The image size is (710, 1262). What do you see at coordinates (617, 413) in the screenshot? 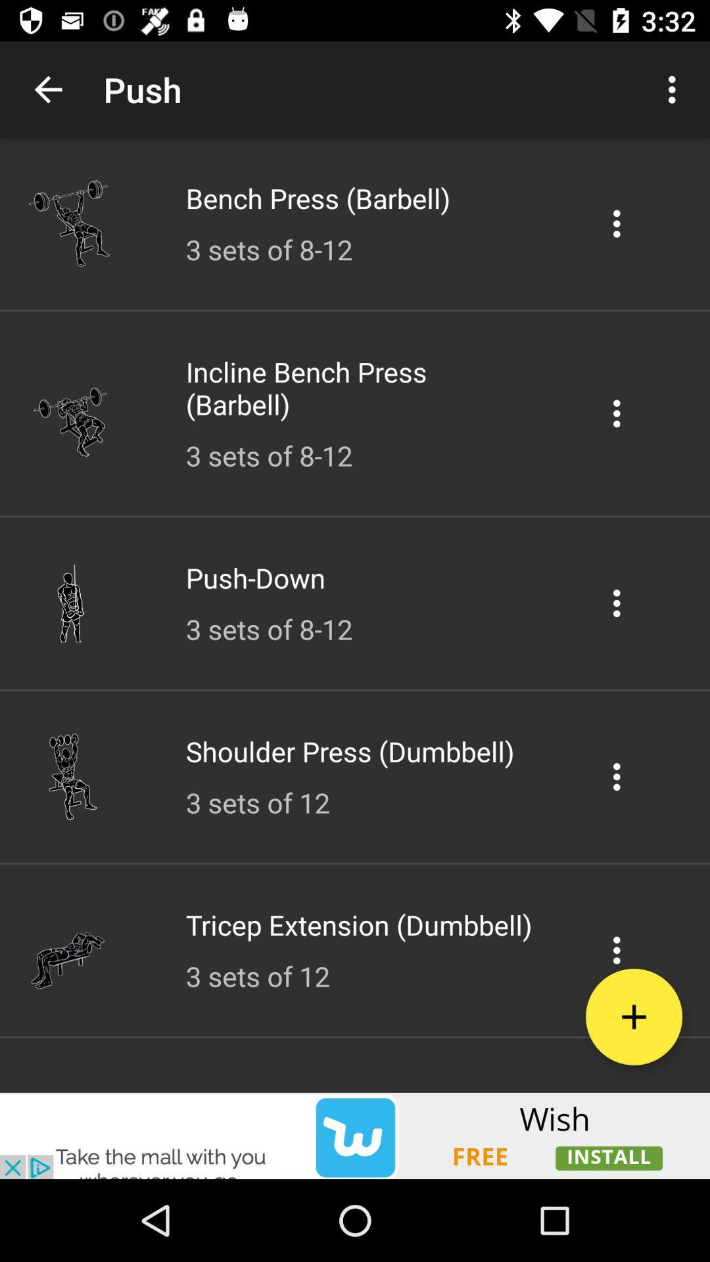
I see `the icon in the 2nd list` at bounding box center [617, 413].